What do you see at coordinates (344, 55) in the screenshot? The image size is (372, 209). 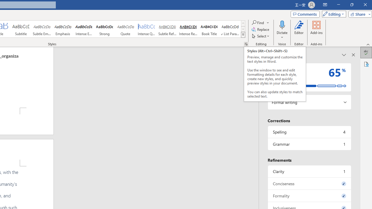 I see `'Task Pane Options'` at bounding box center [344, 55].